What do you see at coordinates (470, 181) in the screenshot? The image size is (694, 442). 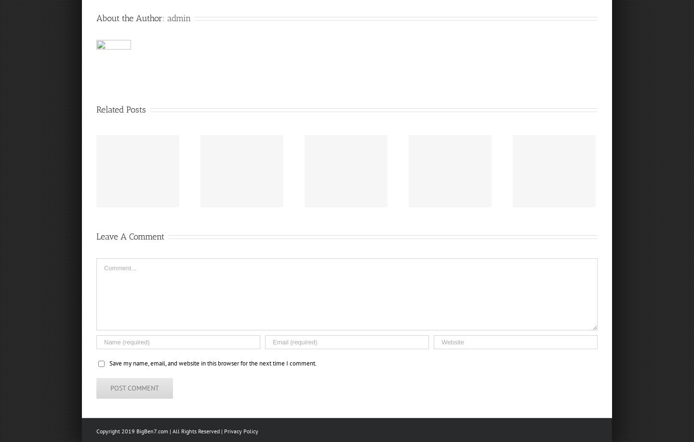 I see `'Throwback Thursday: afterall, Christmas IS next month!'` at bounding box center [470, 181].